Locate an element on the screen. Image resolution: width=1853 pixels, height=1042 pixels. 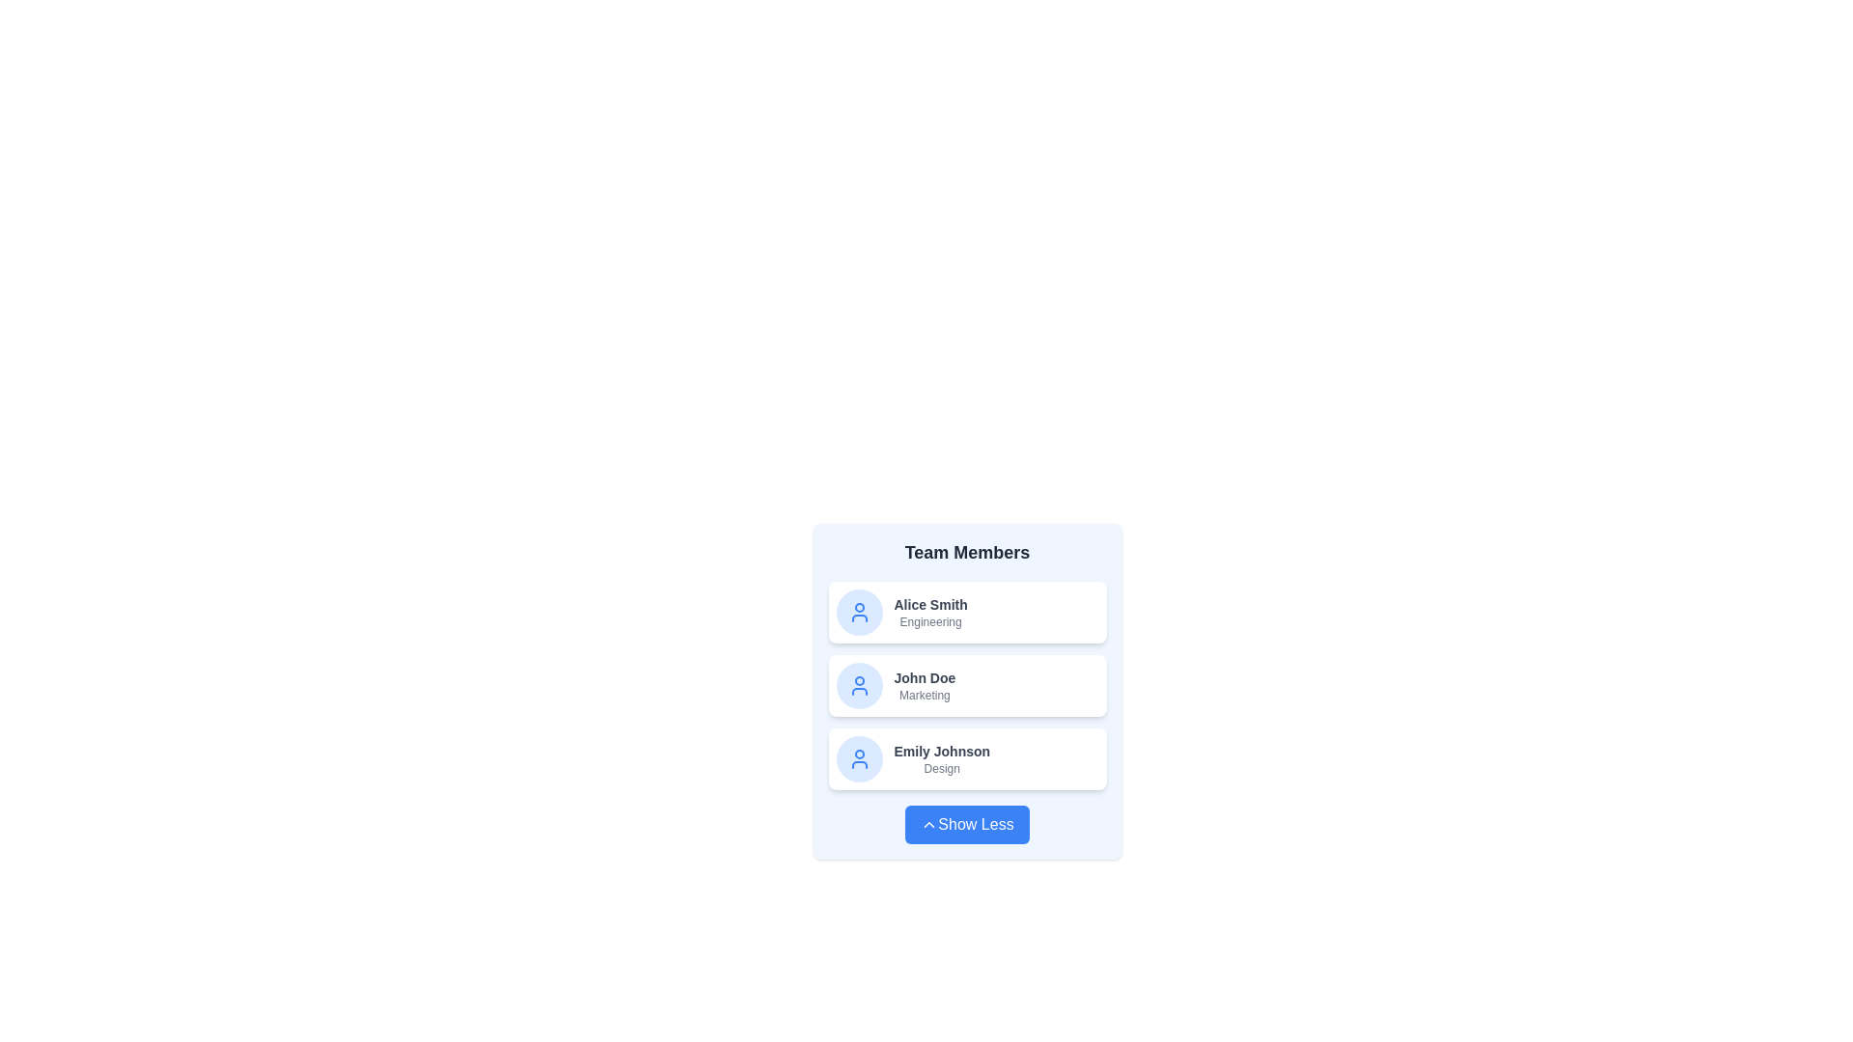
the text label displaying 'Alice Smith', which is the upper text entity within the first information card in the 'Team Members' section is located at coordinates (930, 604).